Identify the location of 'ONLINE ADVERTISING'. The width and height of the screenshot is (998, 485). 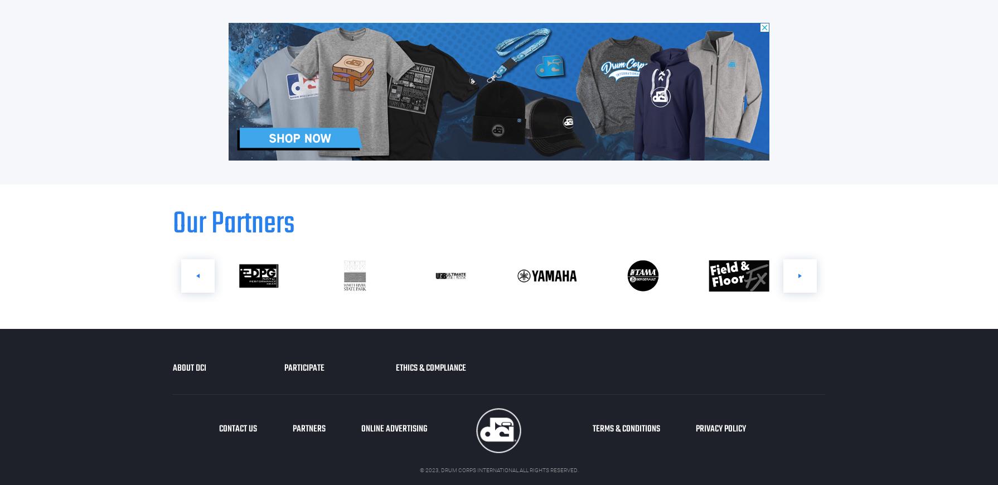
(394, 429).